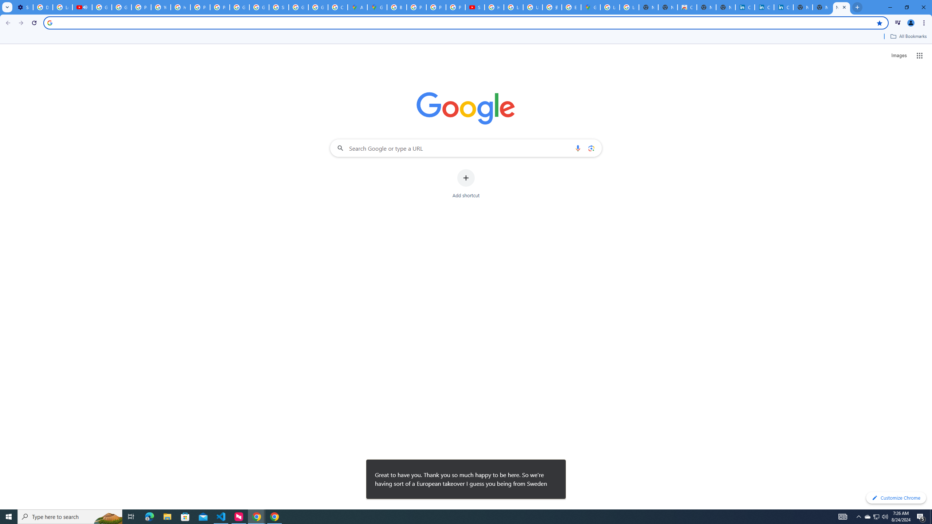 The height and width of the screenshot is (524, 932). Describe the element at coordinates (377, 7) in the screenshot. I see `'Google Maps'` at that location.